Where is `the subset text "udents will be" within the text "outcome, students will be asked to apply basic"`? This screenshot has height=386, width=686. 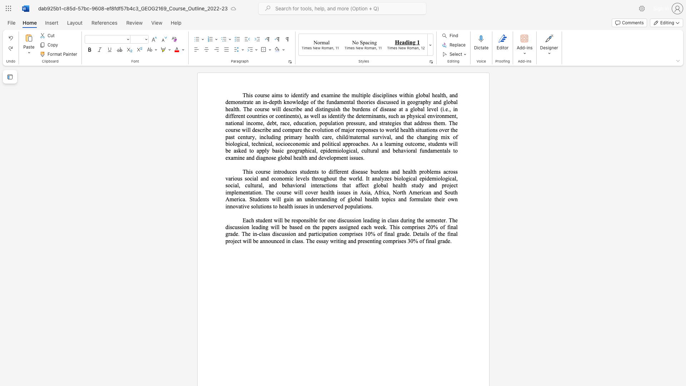 the subset text "udents will be" within the text "outcome, students will be asked to apply basic" is located at coordinates (432, 144).